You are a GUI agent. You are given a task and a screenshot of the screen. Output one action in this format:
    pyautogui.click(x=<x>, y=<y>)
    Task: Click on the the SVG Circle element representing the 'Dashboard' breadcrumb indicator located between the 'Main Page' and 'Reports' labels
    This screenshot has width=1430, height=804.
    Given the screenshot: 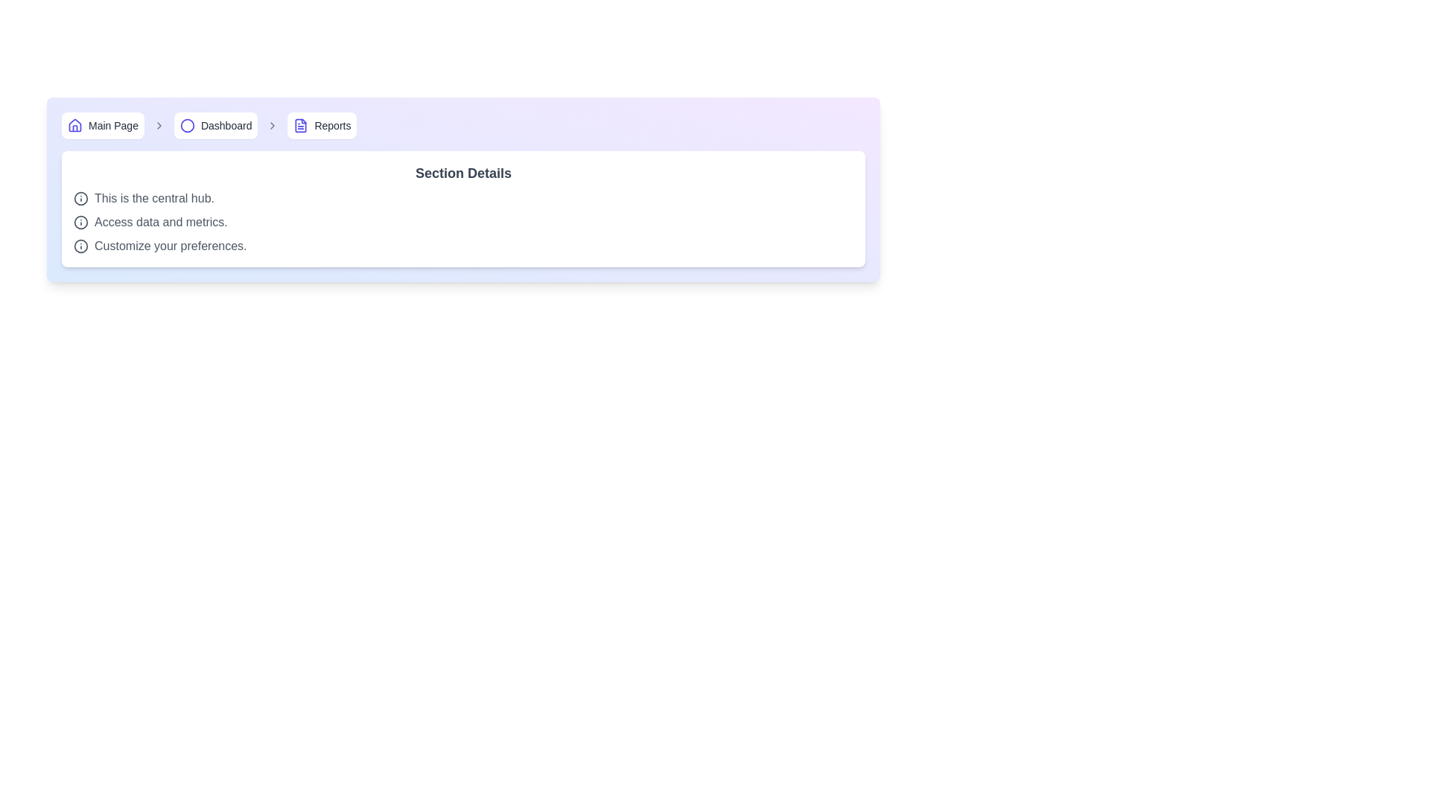 What is the action you would take?
    pyautogui.click(x=186, y=125)
    